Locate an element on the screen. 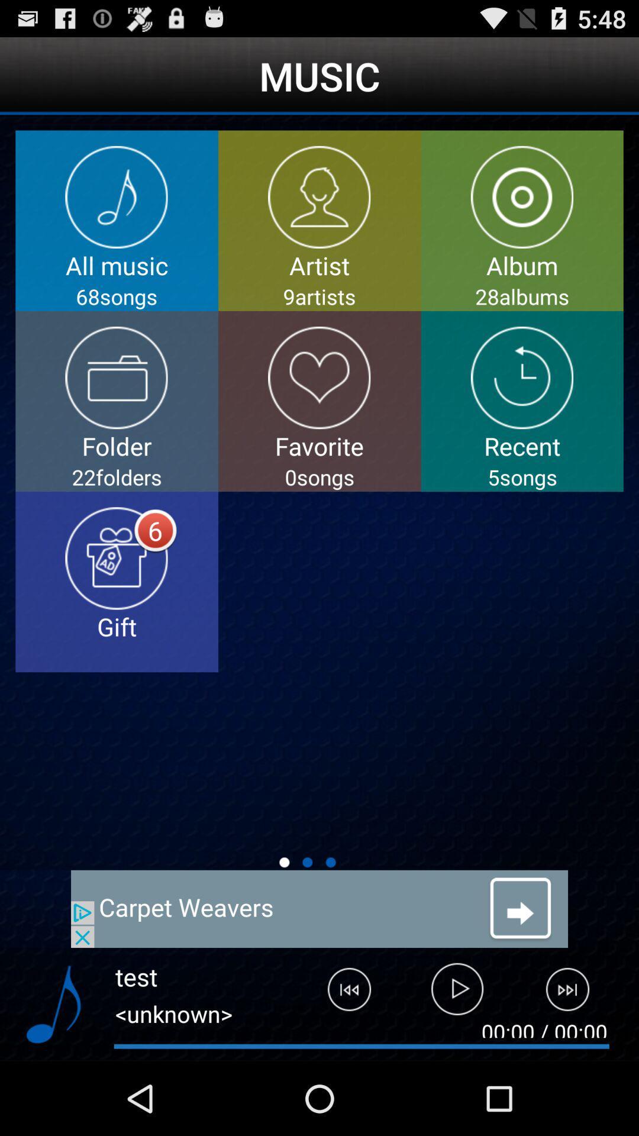  the music icon is located at coordinates (53, 1075).